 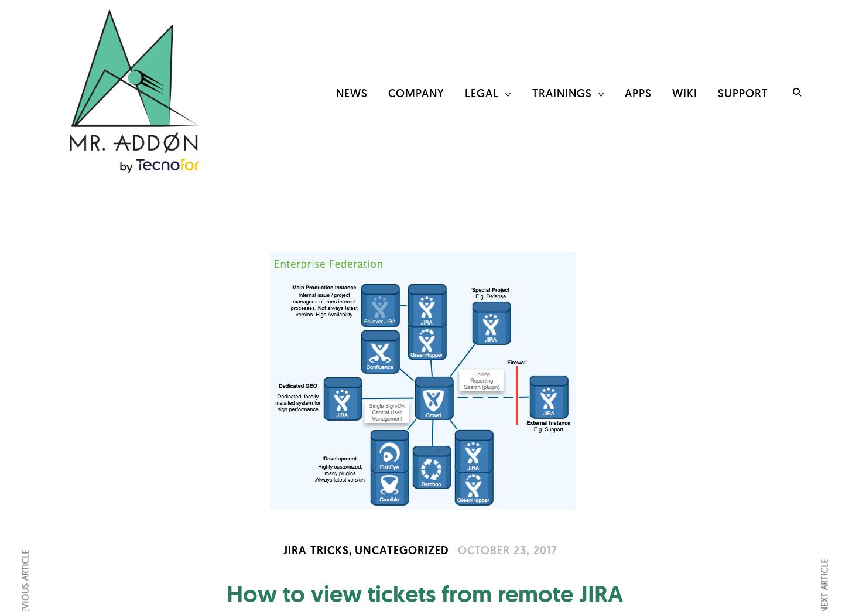 I want to click on 'TECNOFOR SLA STATEMENT', so click(x=506, y=295).